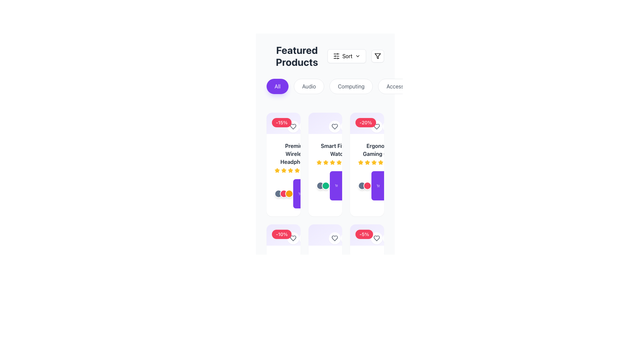  I want to click on the Discount Indicator label located in the top-left corner of the first product card, so click(283, 234).